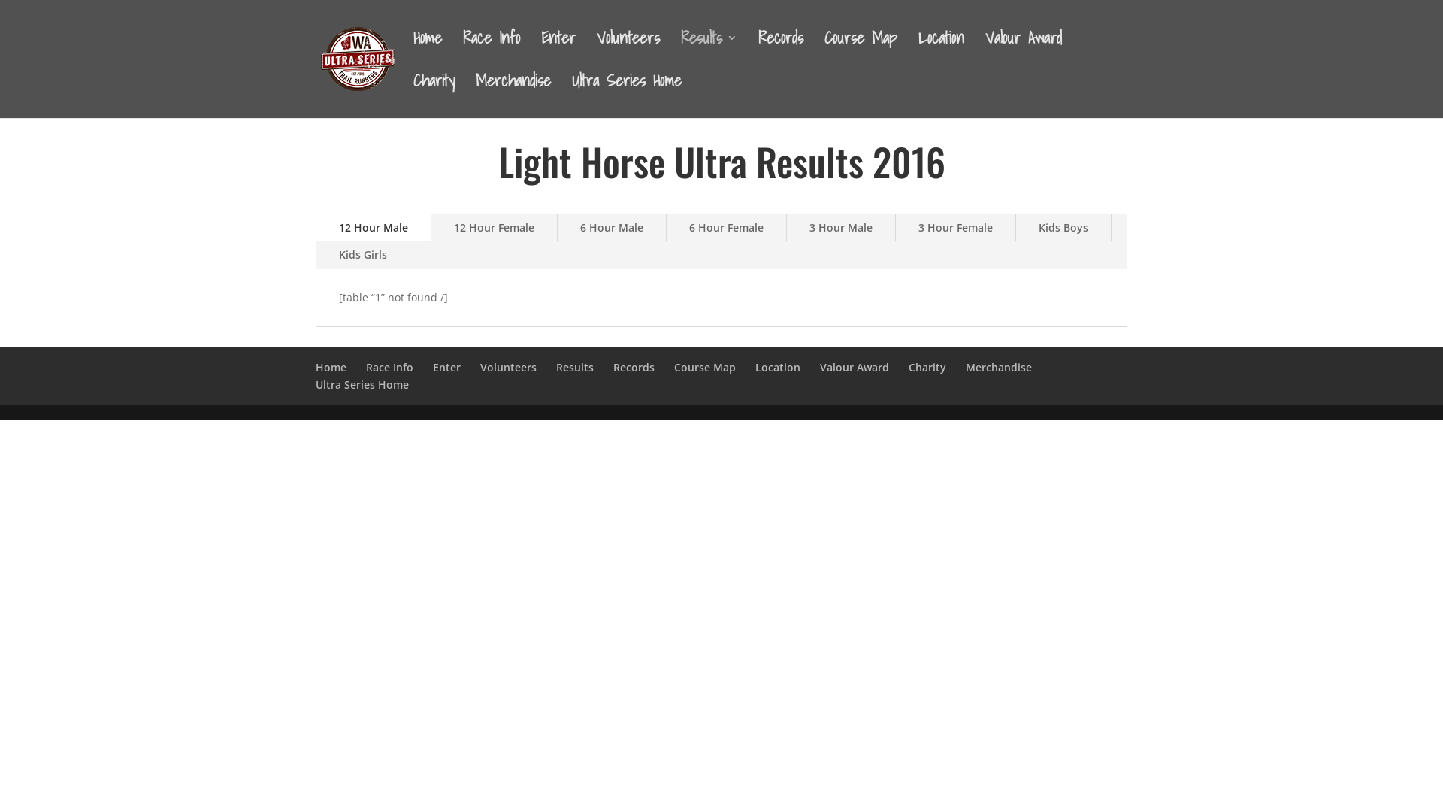 This screenshot has height=812, width=1443. I want to click on 'Kids Girls', so click(363, 254).